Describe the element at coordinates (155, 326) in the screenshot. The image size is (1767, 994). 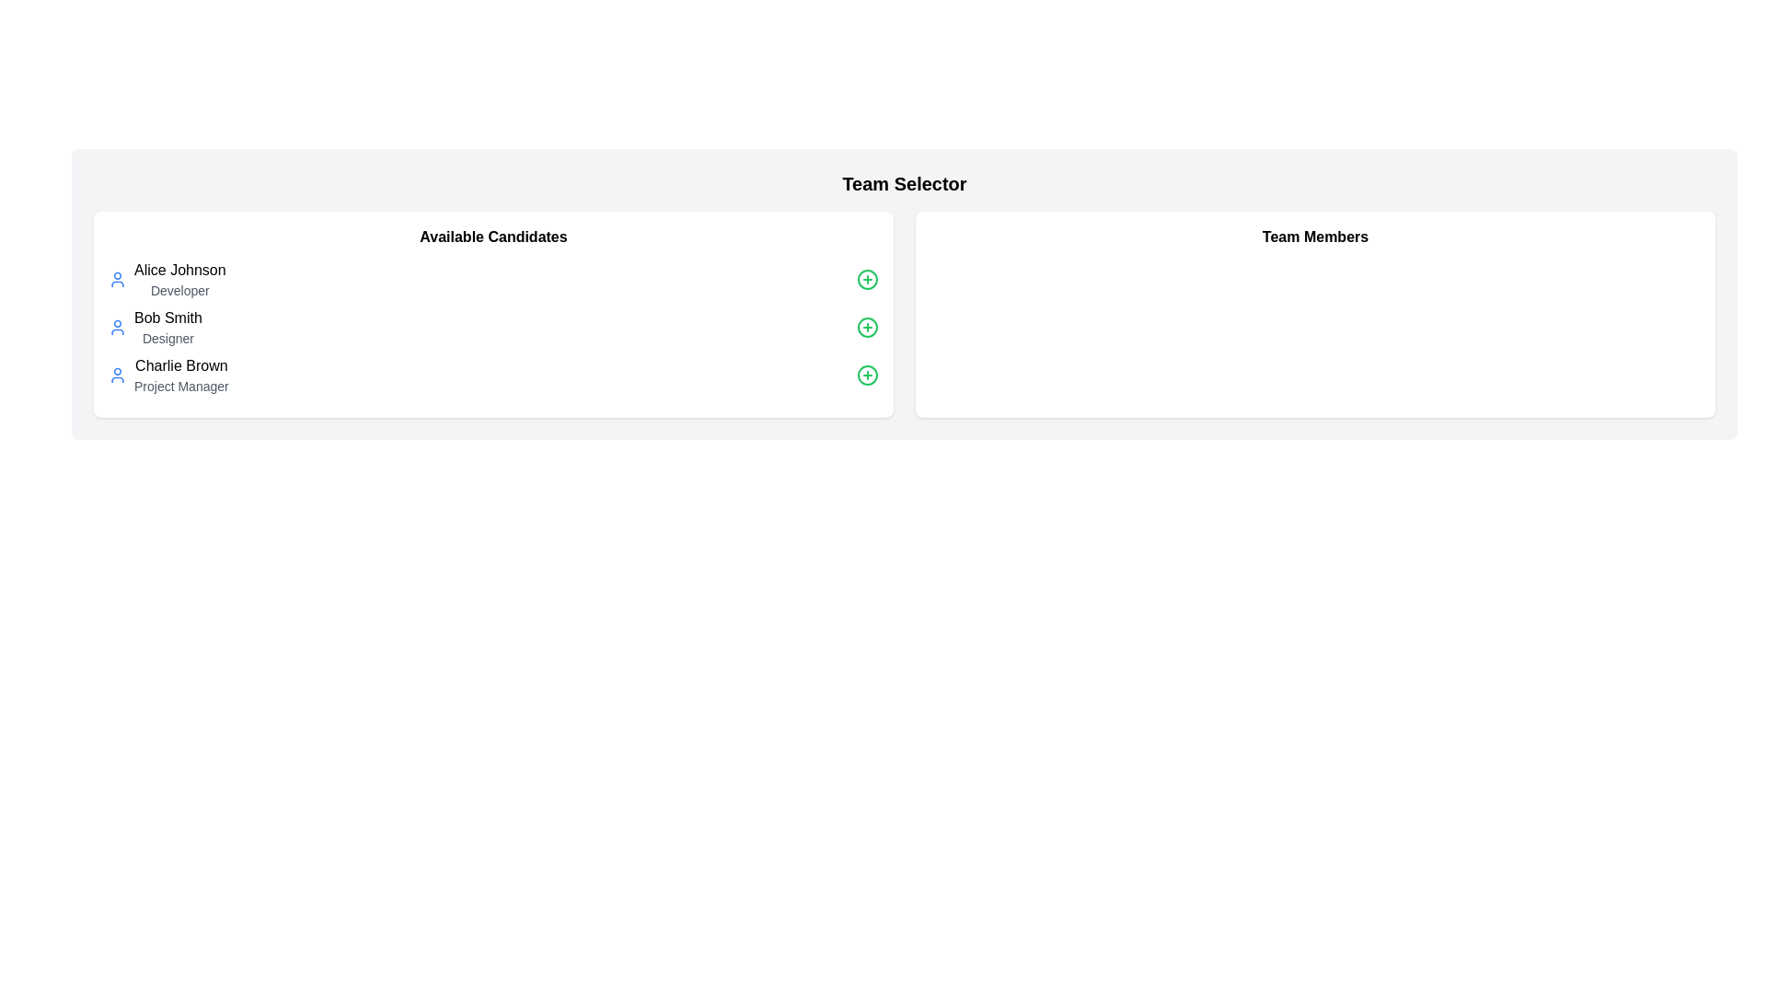
I see `the information display row for user 'Bob Smith', which includes the name in bold and role 'Designer' below it, positioned as the second entry in the list of candidates` at that location.